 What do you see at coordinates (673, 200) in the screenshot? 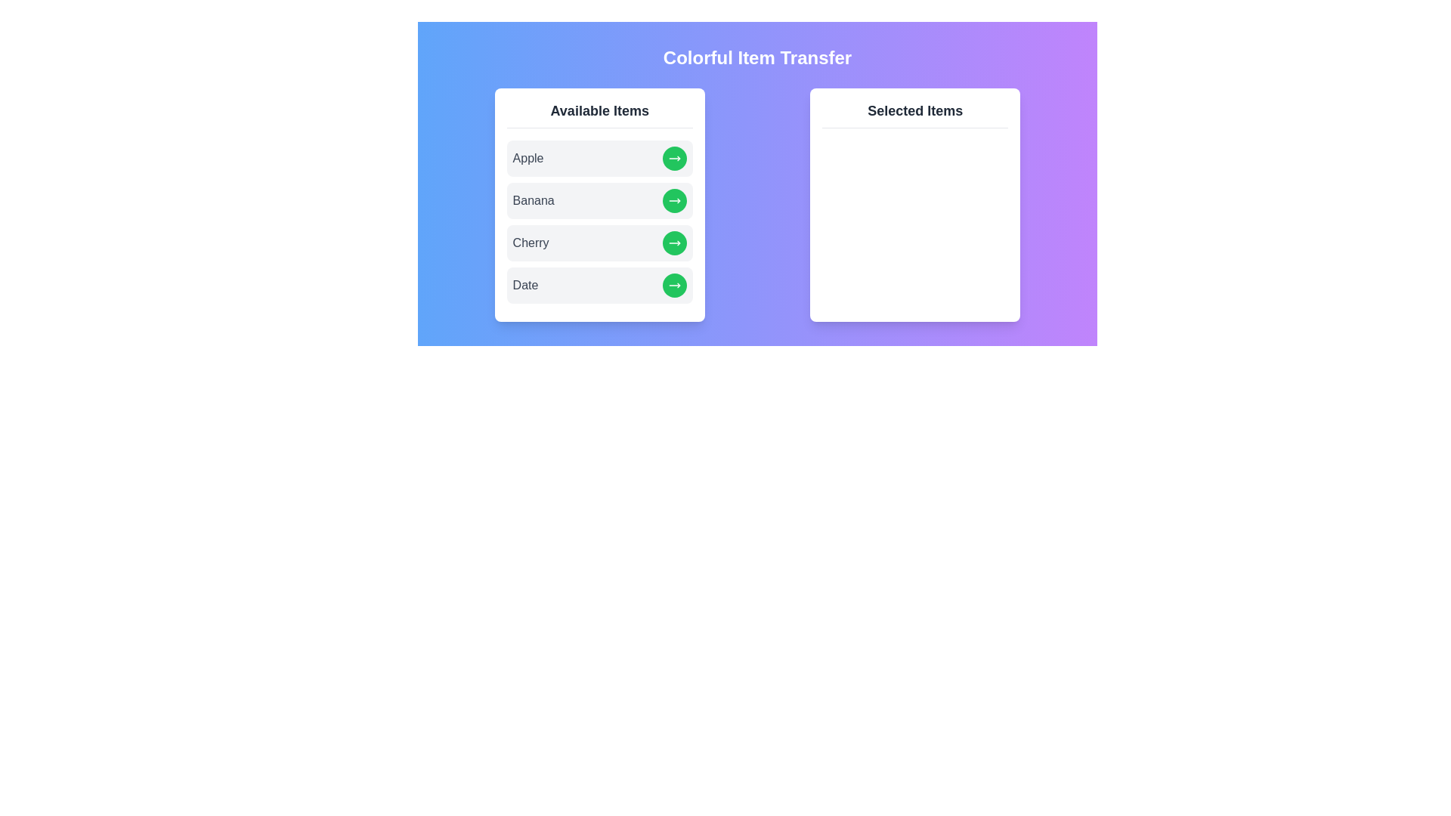
I see `right arrow button next to the item Banana in the 'Available Items' list to transfer it to the 'Selected Items' list` at bounding box center [673, 200].